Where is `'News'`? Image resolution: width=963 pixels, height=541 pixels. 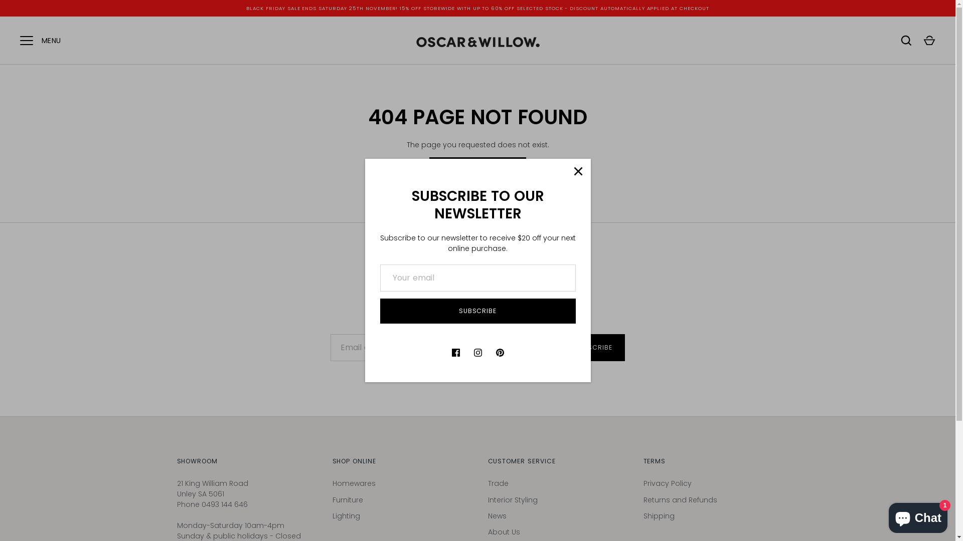
'News' is located at coordinates (497, 515).